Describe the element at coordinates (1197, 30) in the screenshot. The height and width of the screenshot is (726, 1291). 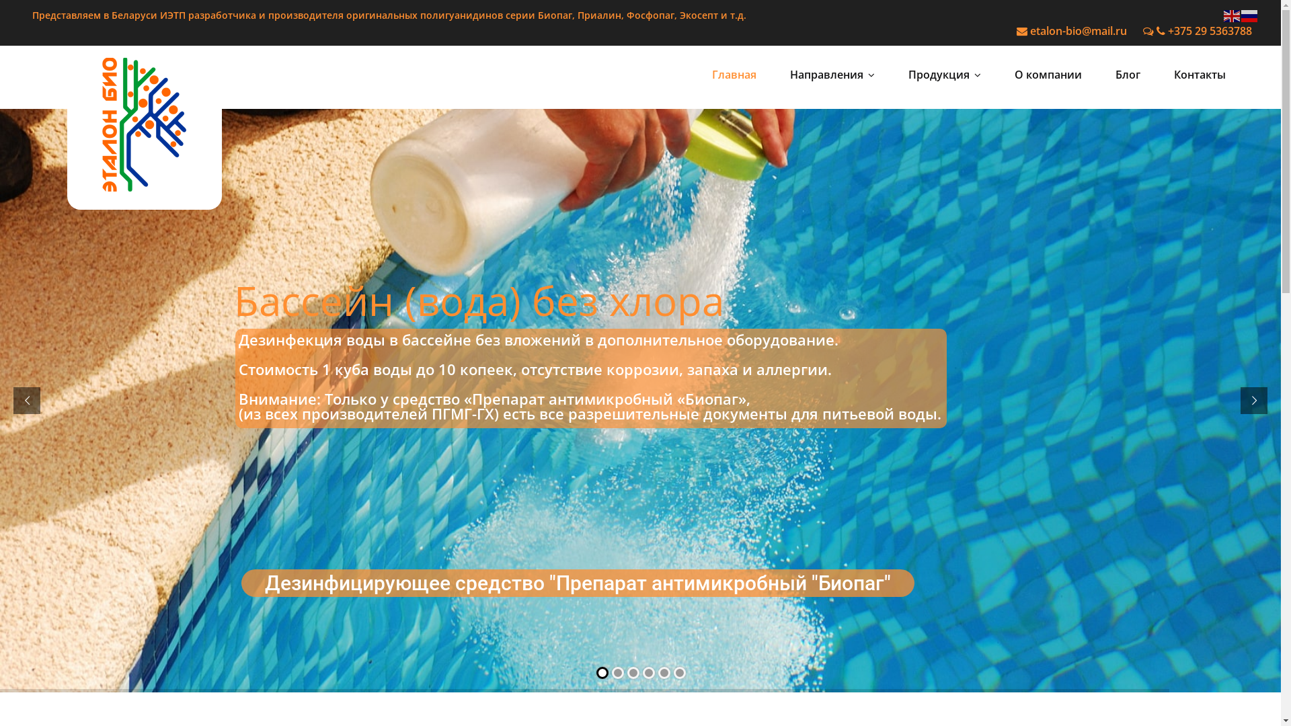
I see `'+375 29 5363788'` at that location.